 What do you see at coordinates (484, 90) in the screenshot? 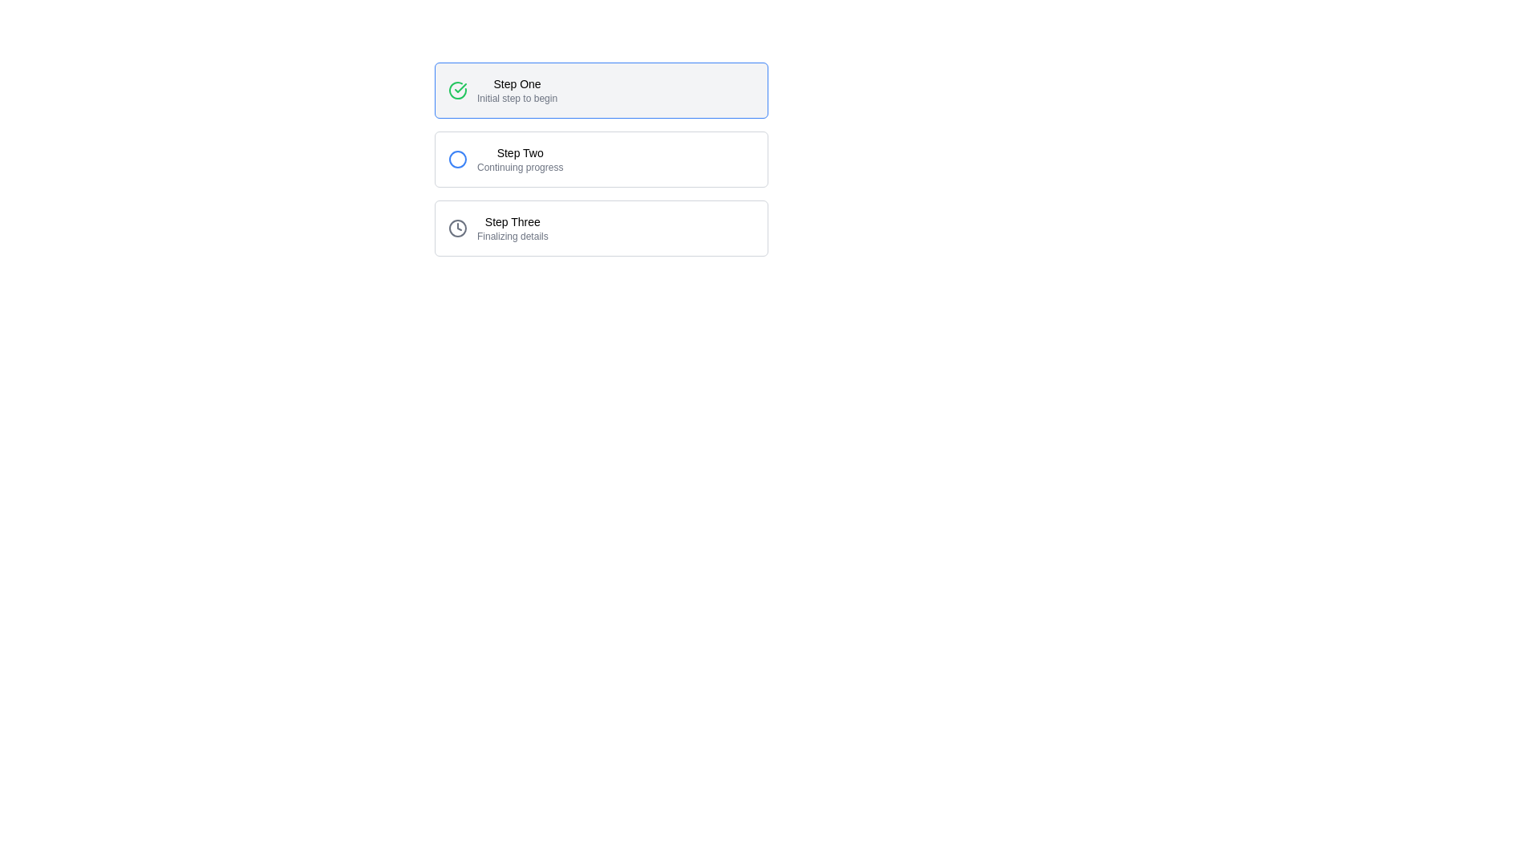
I see `the check icon located to the left of the Text Block that displays the title and description of the first step in the multi-step process interface` at bounding box center [484, 90].